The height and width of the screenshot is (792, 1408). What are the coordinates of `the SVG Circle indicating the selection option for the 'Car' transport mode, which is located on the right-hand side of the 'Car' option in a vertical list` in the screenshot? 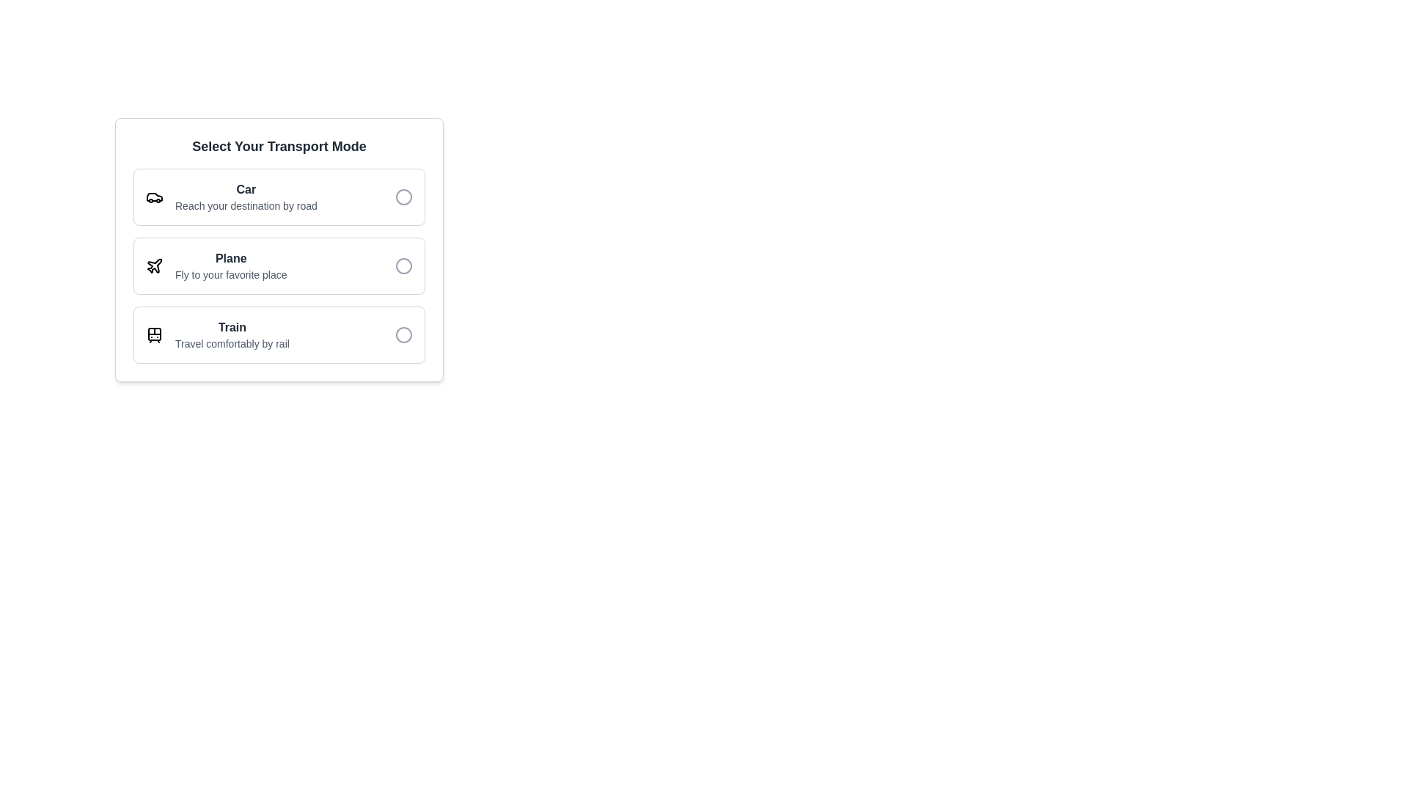 It's located at (404, 197).